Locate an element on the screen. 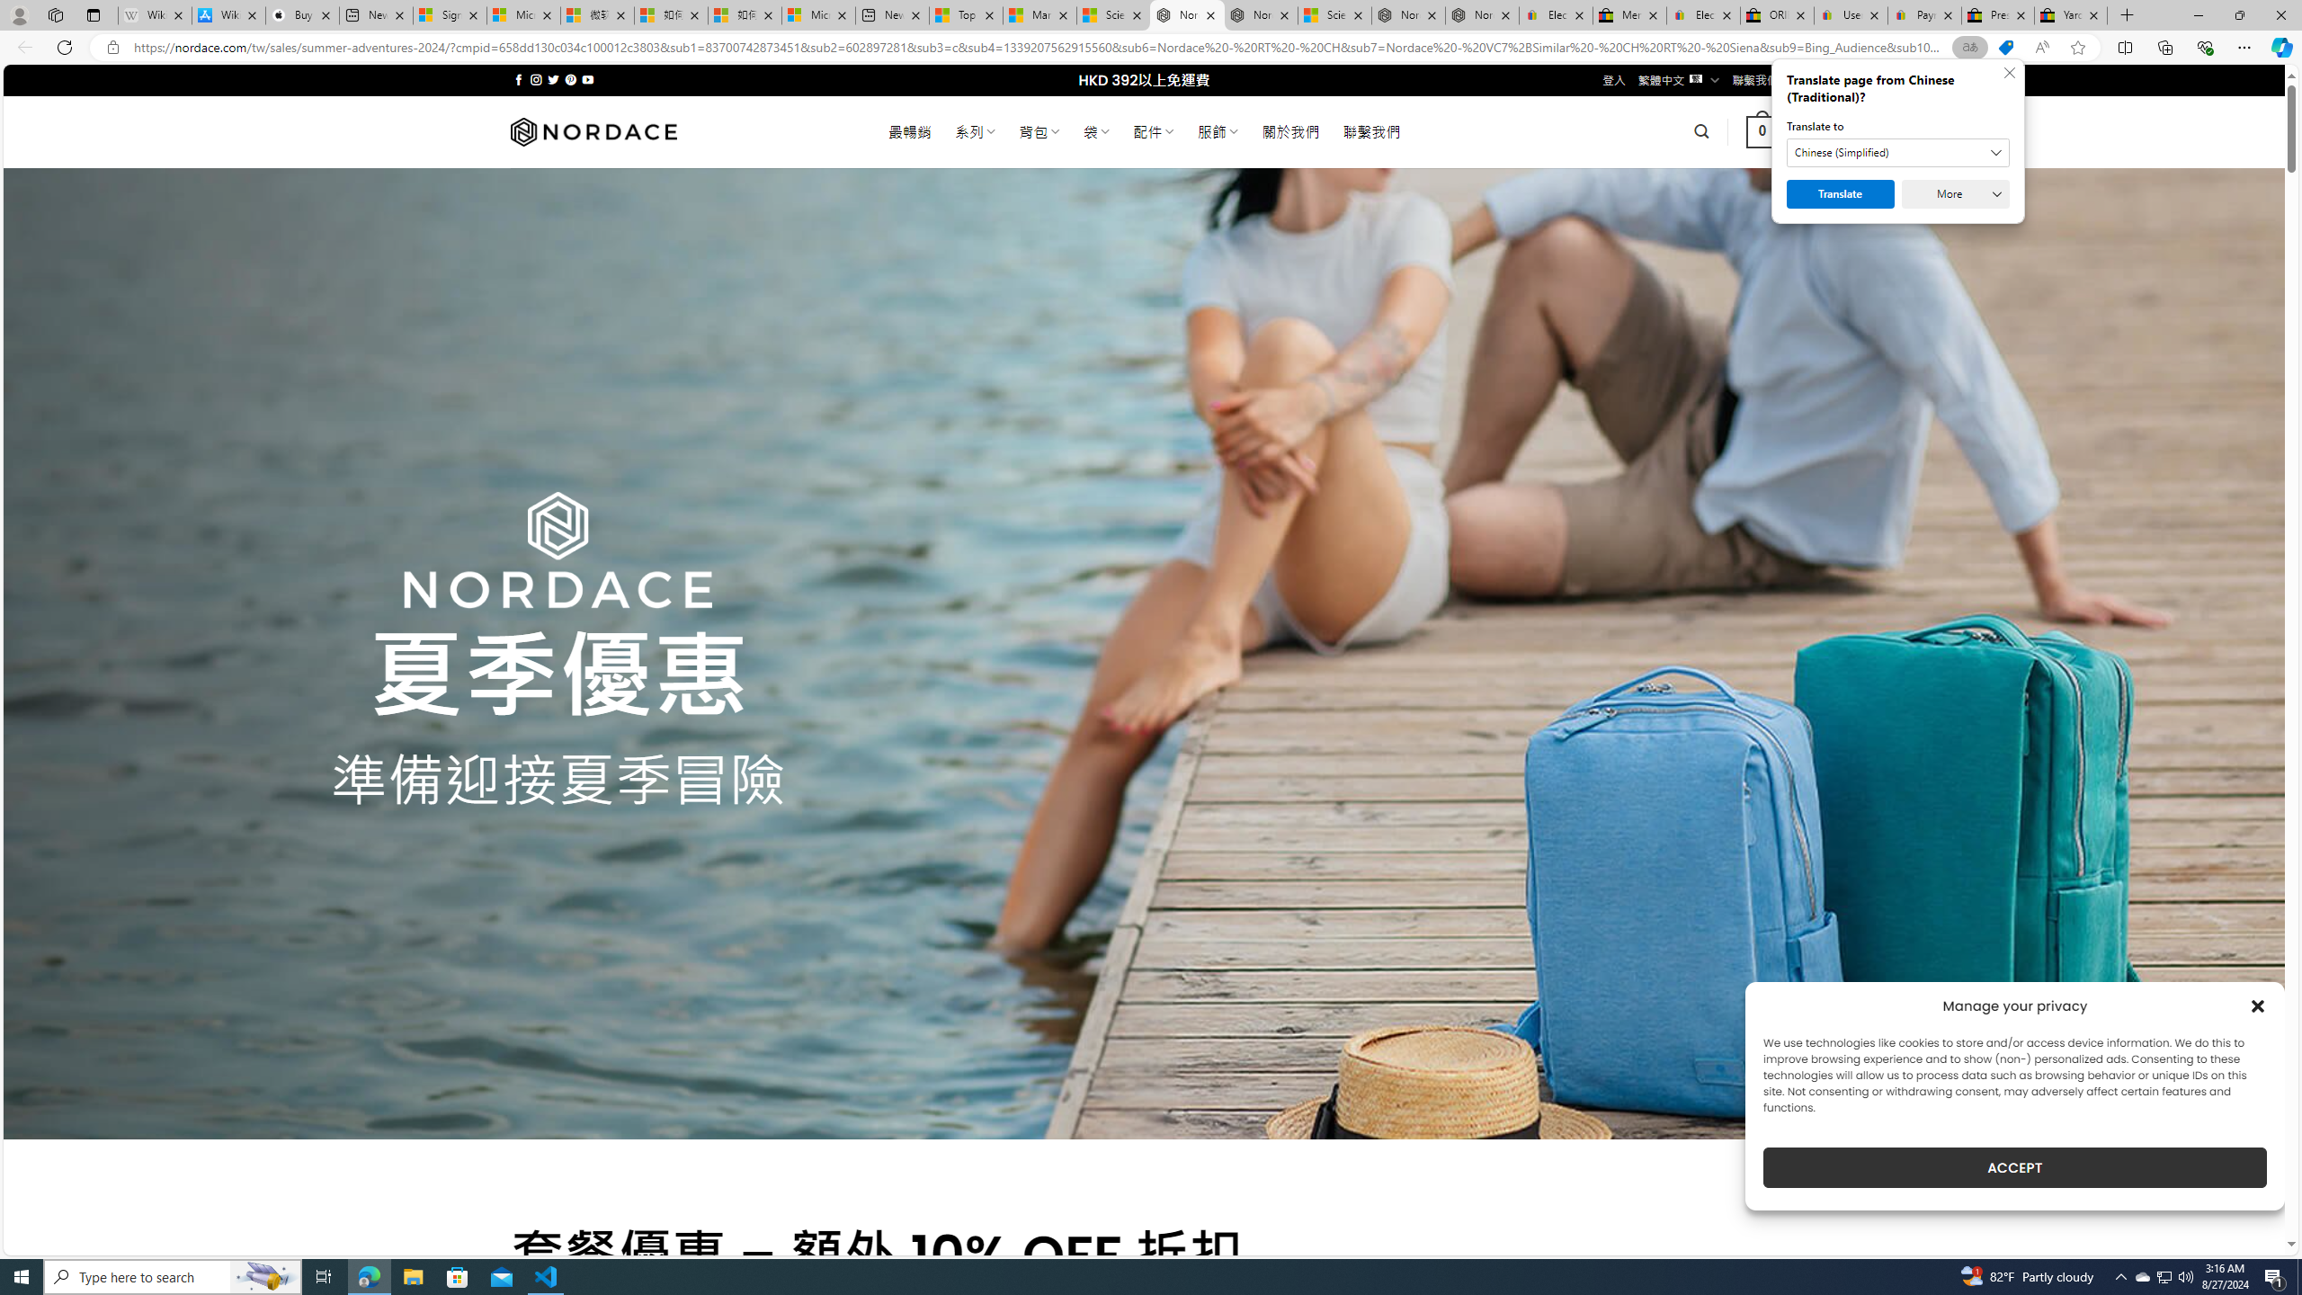 The width and height of the screenshot is (2302, 1295). 'Settings and more (Alt+F)' is located at coordinates (2244, 46).